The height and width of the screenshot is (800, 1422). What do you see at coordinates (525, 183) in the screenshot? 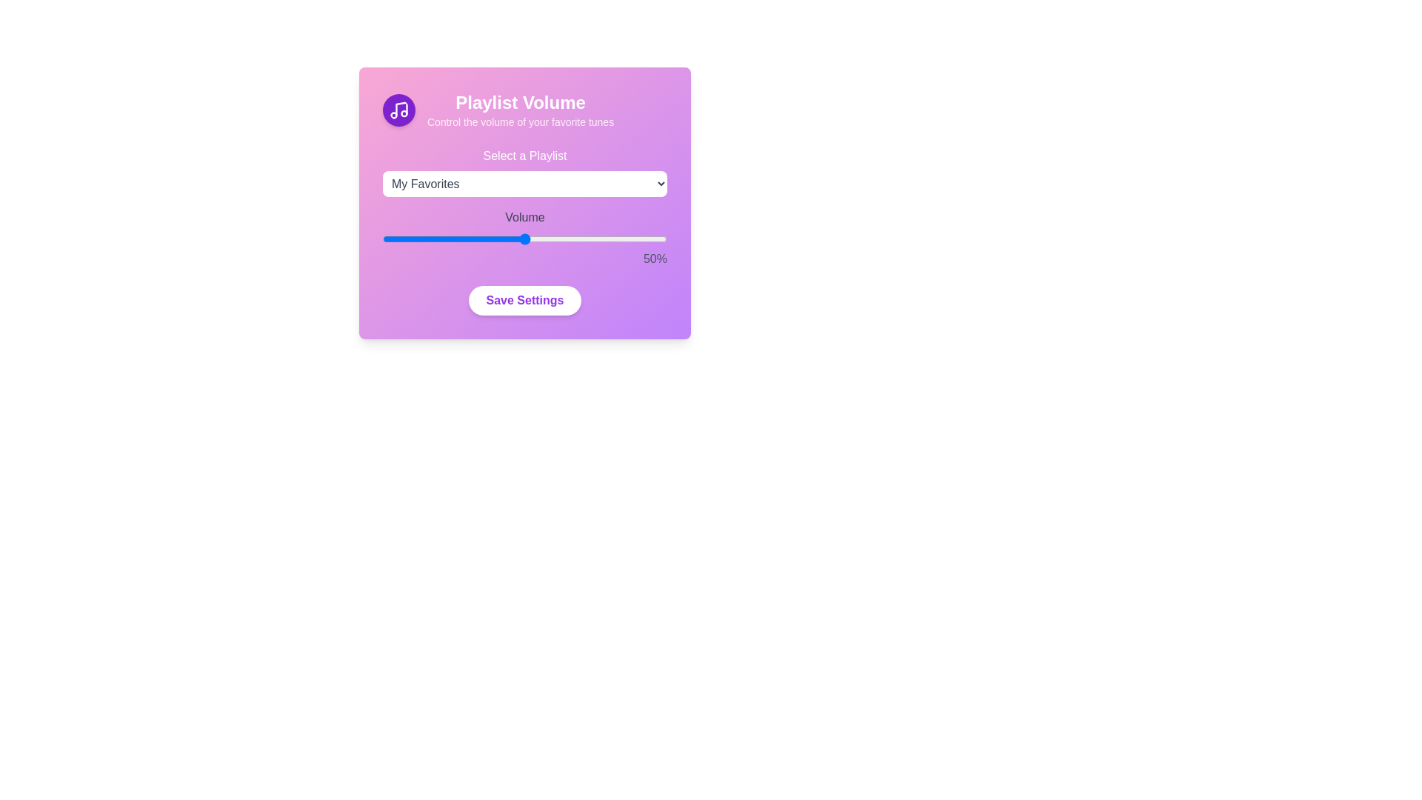
I see `the playlist My Favorites from the dropdown menu` at bounding box center [525, 183].